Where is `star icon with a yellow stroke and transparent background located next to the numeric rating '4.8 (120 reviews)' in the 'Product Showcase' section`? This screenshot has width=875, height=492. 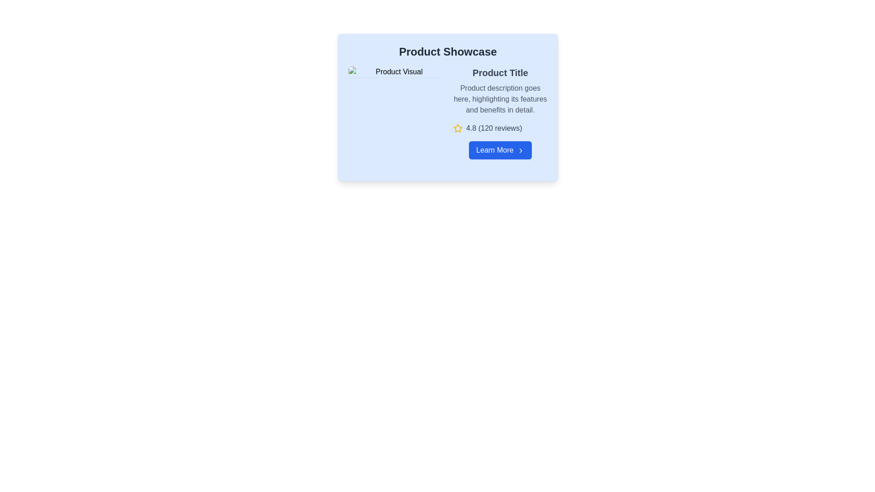 star icon with a yellow stroke and transparent background located next to the numeric rating '4.8 (120 reviews)' in the 'Product Showcase' section is located at coordinates (458, 128).